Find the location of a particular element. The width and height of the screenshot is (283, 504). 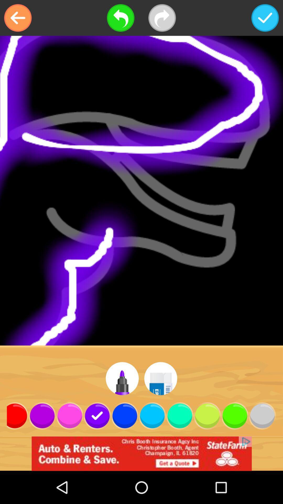

go back is located at coordinates (121, 18).